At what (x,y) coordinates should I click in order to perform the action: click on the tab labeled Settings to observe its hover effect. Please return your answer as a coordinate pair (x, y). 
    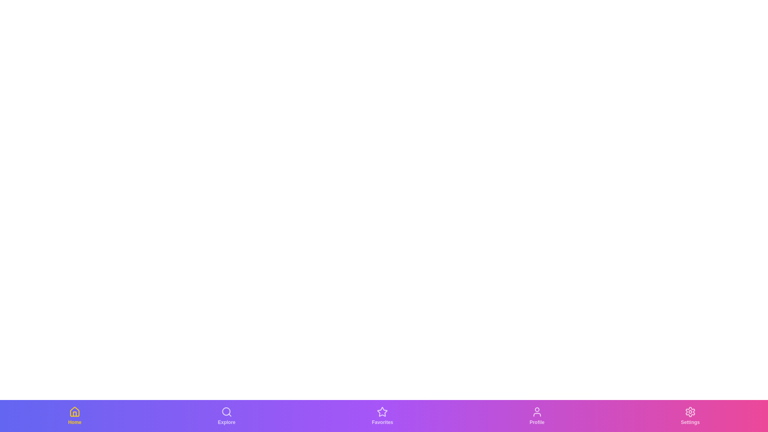
    Looking at the image, I should click on (689, 416).